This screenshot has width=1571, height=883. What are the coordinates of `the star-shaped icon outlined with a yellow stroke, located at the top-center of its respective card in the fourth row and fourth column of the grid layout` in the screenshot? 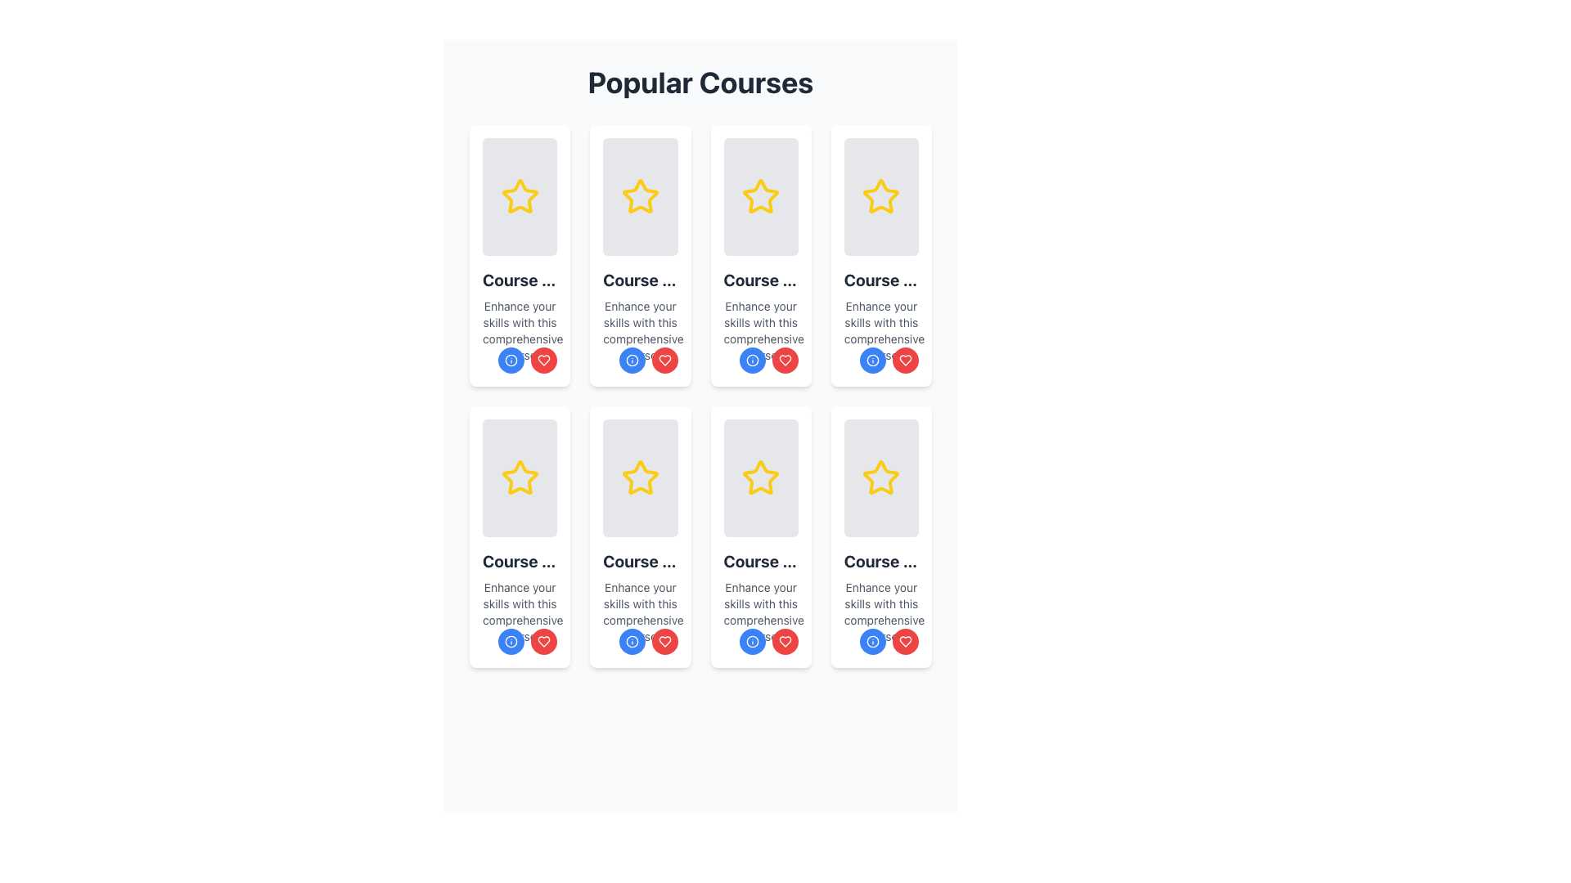 It's located at (880, 478).